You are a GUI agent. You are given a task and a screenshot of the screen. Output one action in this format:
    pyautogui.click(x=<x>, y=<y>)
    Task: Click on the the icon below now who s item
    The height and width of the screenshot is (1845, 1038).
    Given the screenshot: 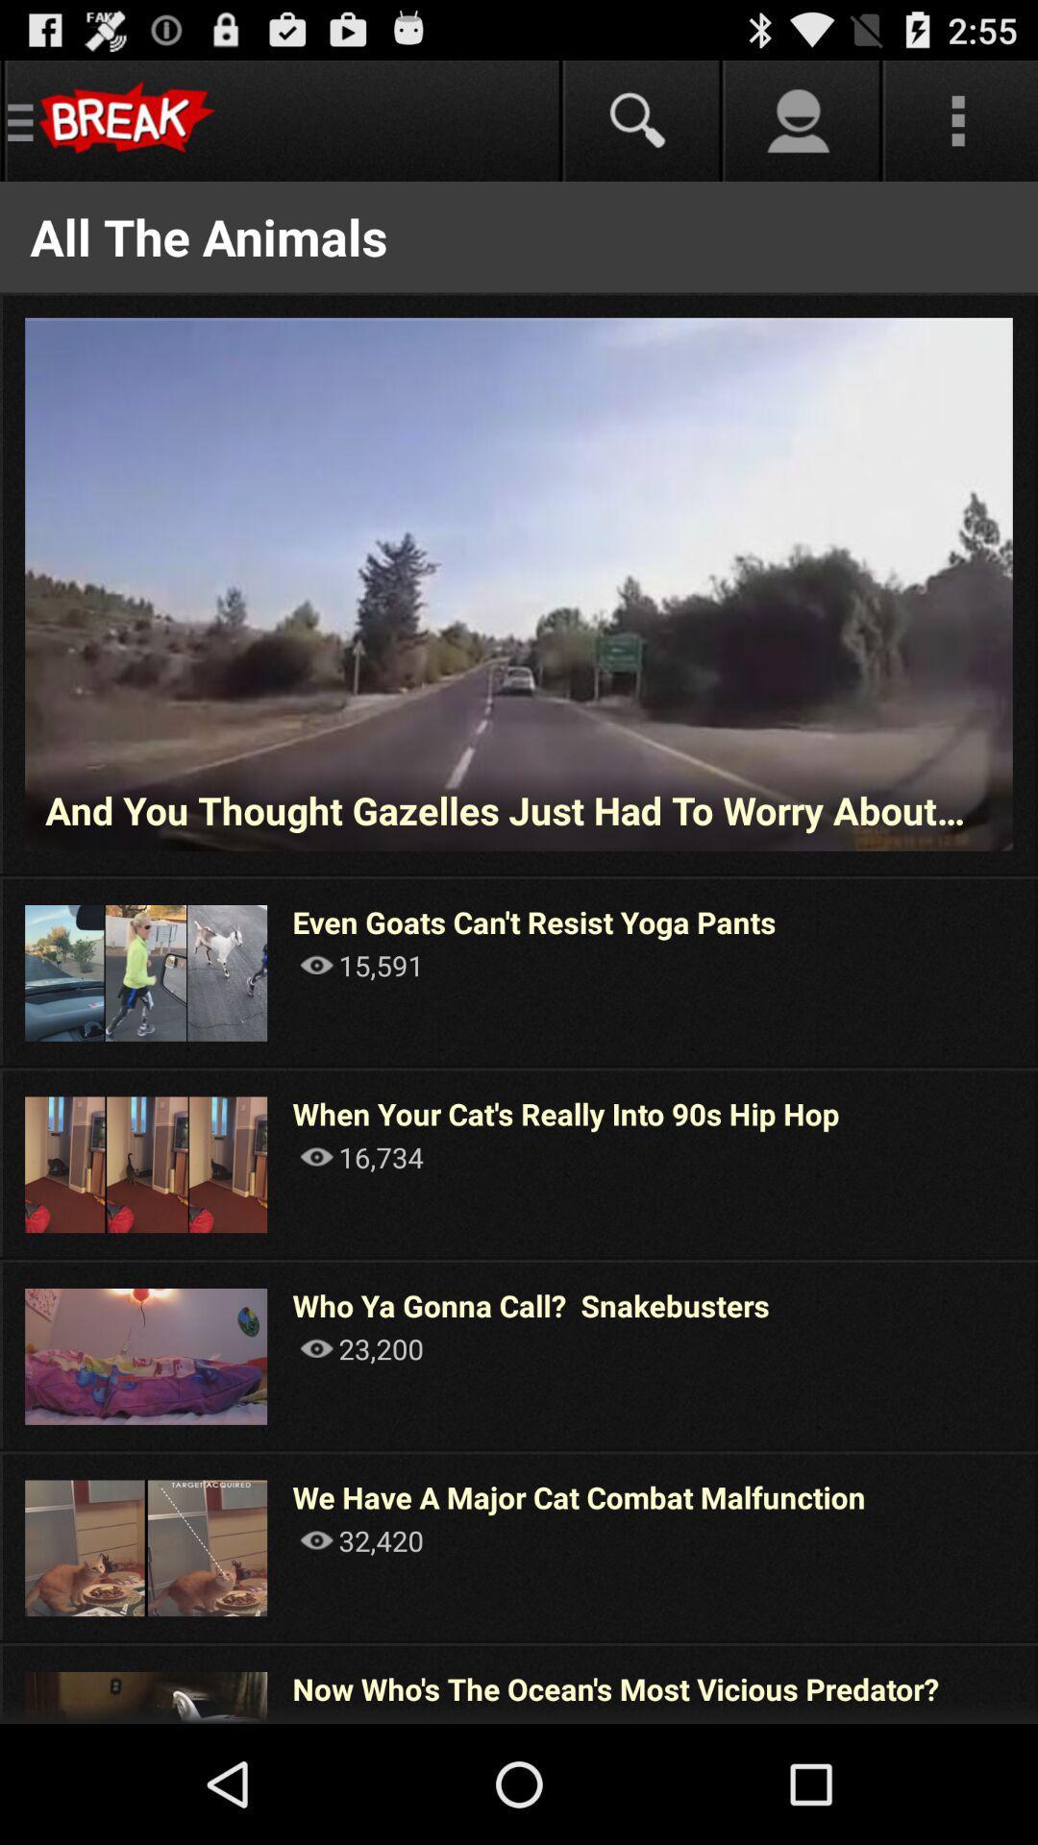 What is the action you would take?
    pyautogui.click(x=361, y=1718)
    